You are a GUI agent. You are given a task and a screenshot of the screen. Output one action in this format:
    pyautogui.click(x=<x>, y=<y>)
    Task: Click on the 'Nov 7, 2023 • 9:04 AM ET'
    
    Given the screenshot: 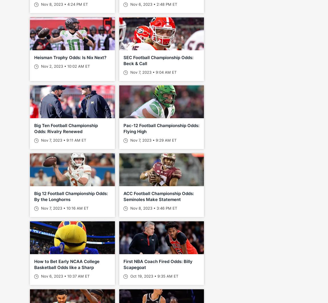 What is the action you would take?
    pyautogui.click(x=152, y=72)
    